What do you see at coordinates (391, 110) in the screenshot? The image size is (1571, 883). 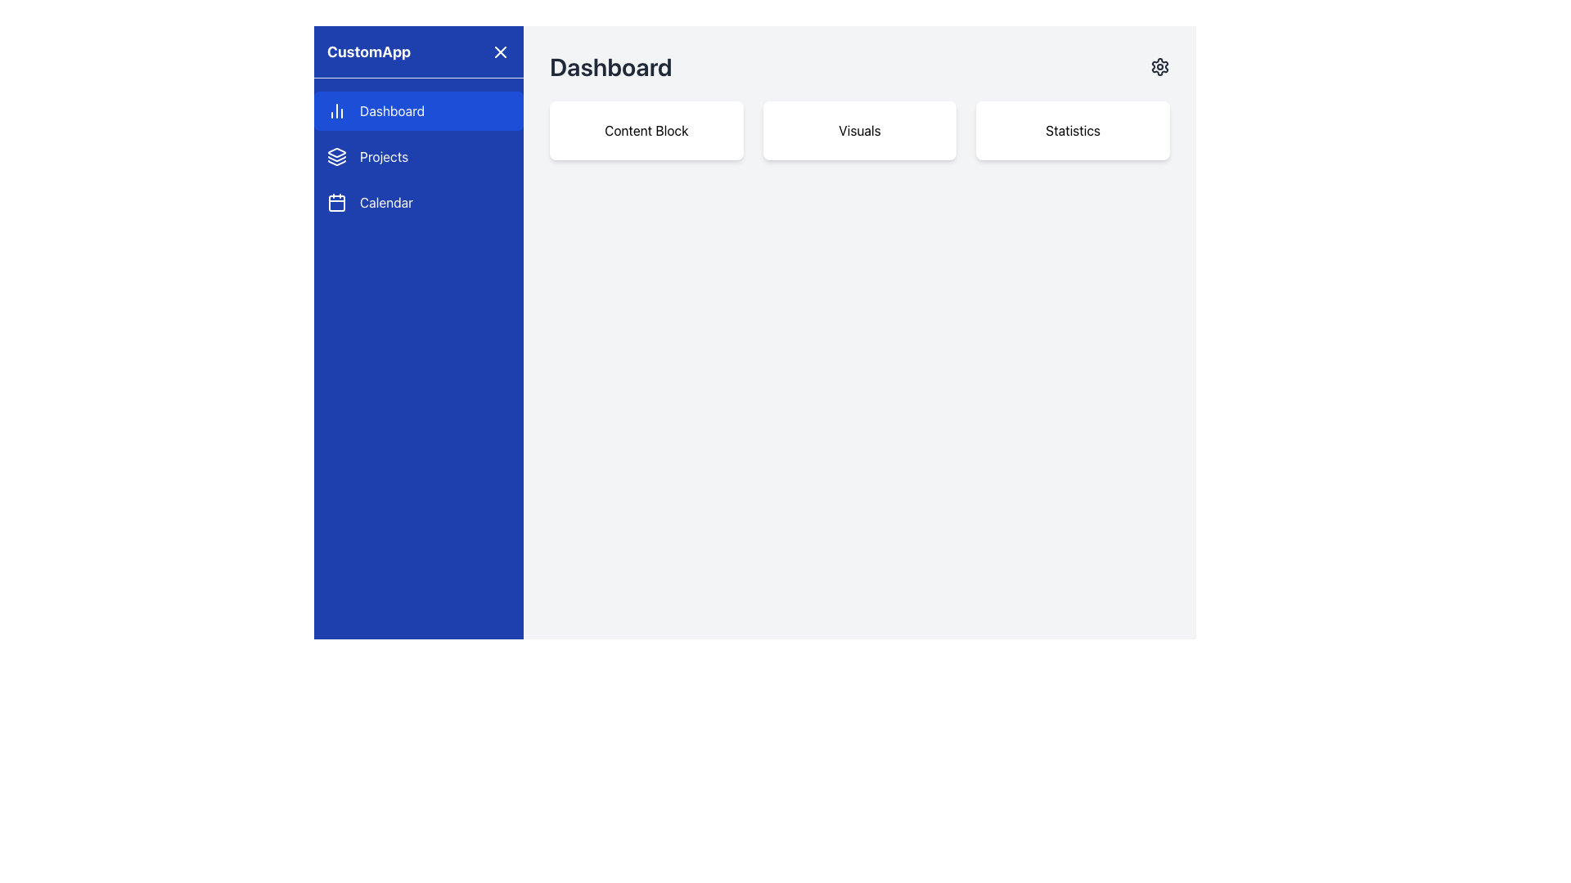 I see `the 'Dashboard' text label located in the left side navigation menu` at bounding box center [391, 110].